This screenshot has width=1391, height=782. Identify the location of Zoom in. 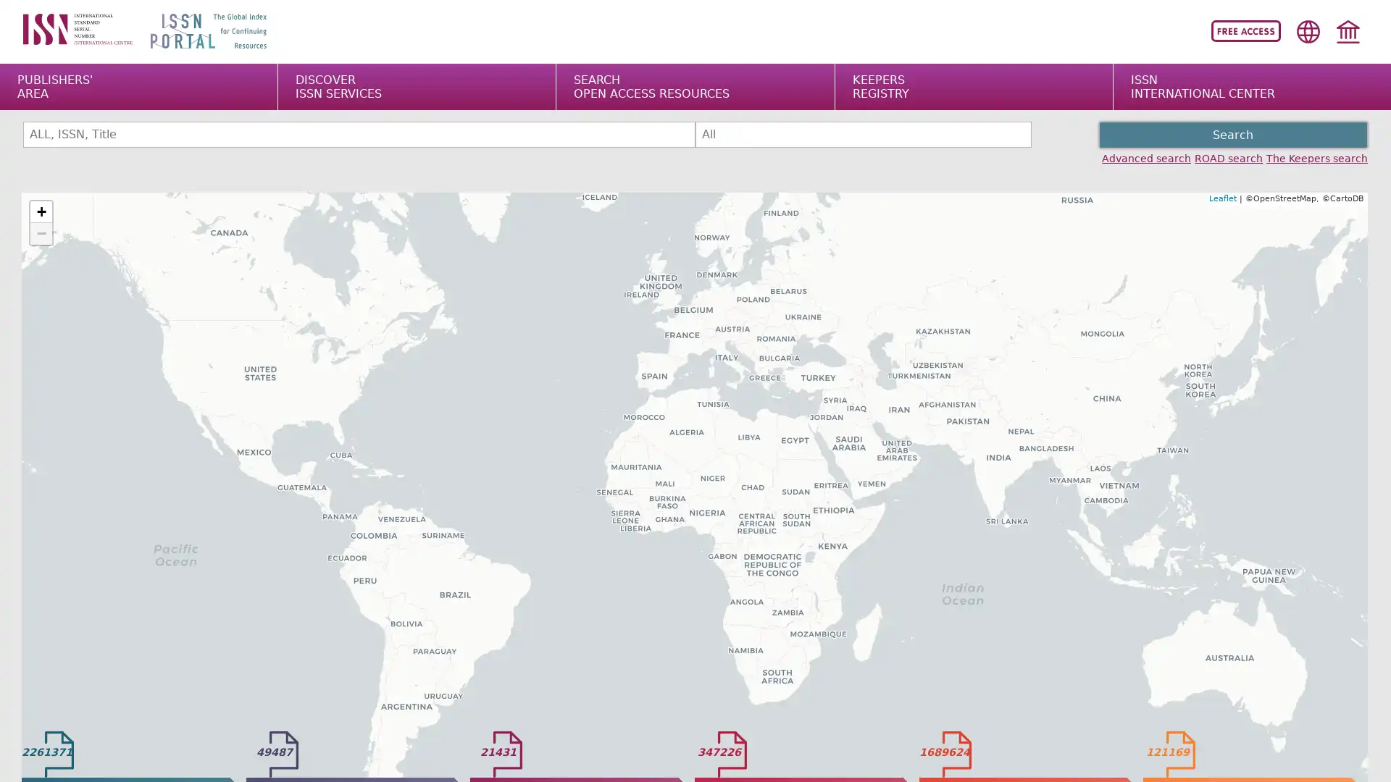
(41, 212).